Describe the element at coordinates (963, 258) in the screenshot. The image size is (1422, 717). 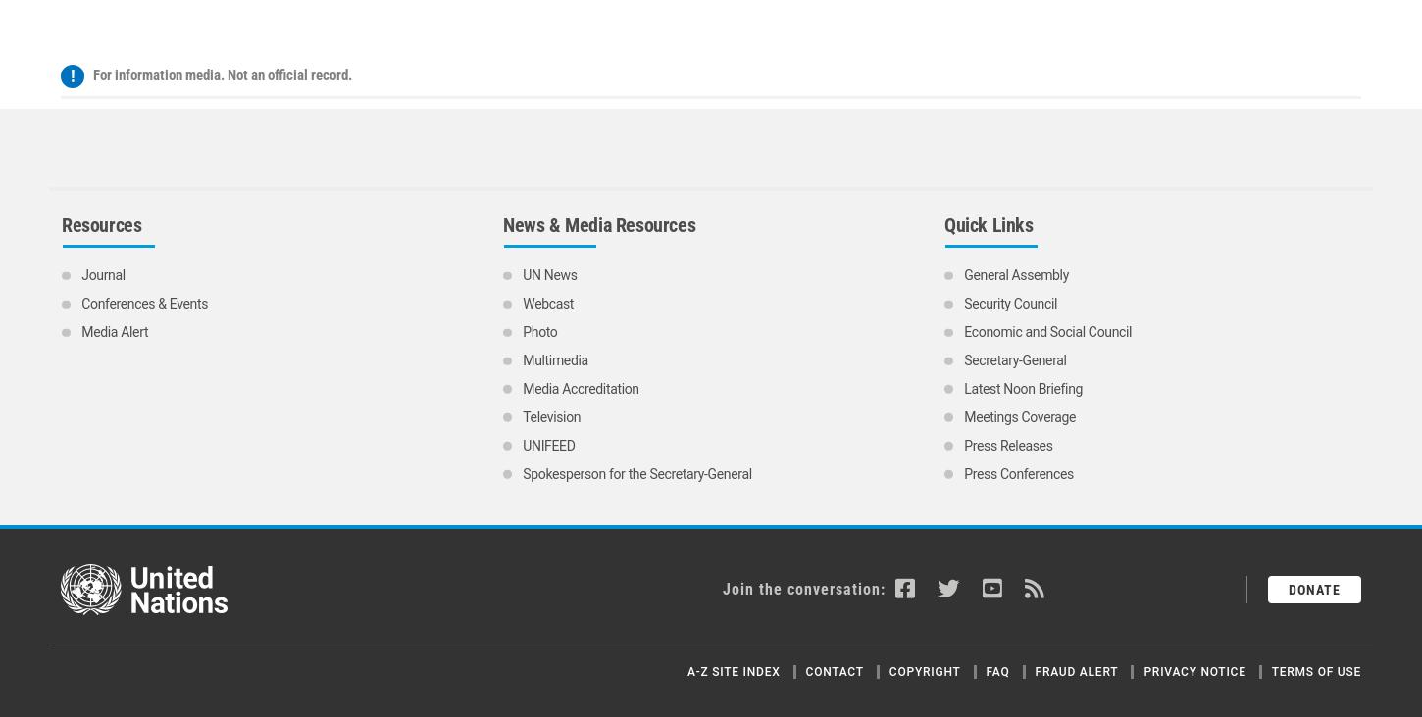
I see `'Press Releases'` at that location.